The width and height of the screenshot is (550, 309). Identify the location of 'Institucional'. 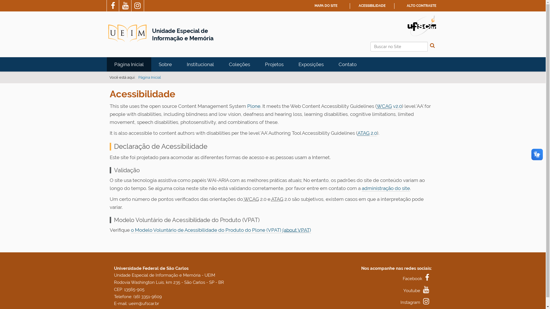
(200, 64).